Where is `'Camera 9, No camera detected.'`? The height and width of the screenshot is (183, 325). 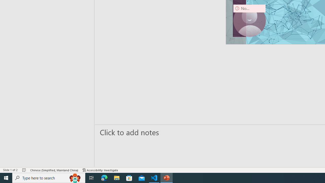
'Camera 9, No camera detected.' is located at coordinates (249, 20).